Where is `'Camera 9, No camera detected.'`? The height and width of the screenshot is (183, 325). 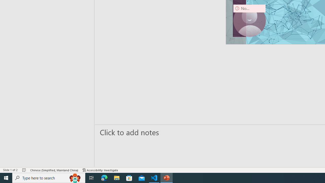
'Camera 9, No camera detected.' is located at coordinates (249, 20).